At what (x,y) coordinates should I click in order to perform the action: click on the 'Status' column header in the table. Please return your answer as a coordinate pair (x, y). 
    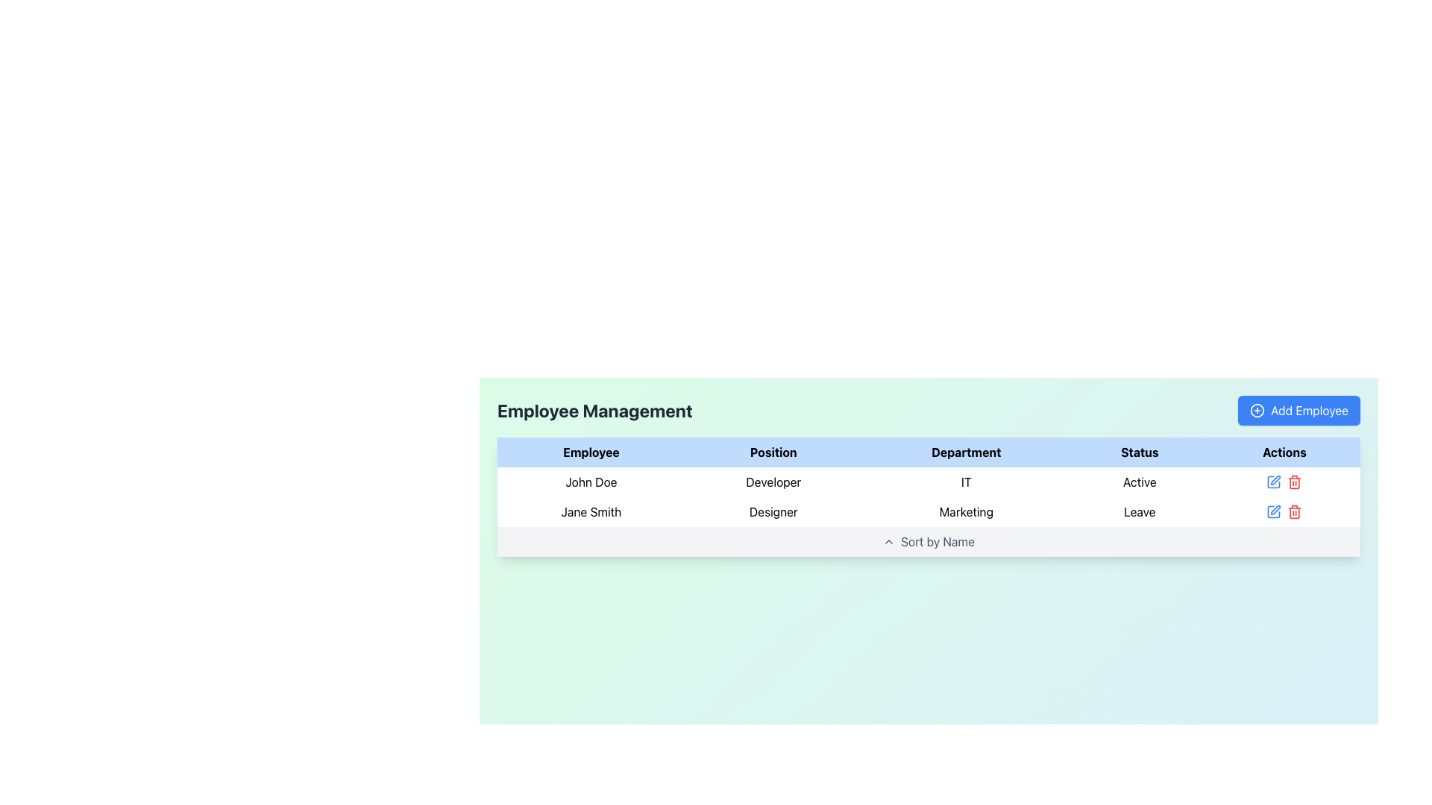
    Looking at the image, I should click on (1139, 451).